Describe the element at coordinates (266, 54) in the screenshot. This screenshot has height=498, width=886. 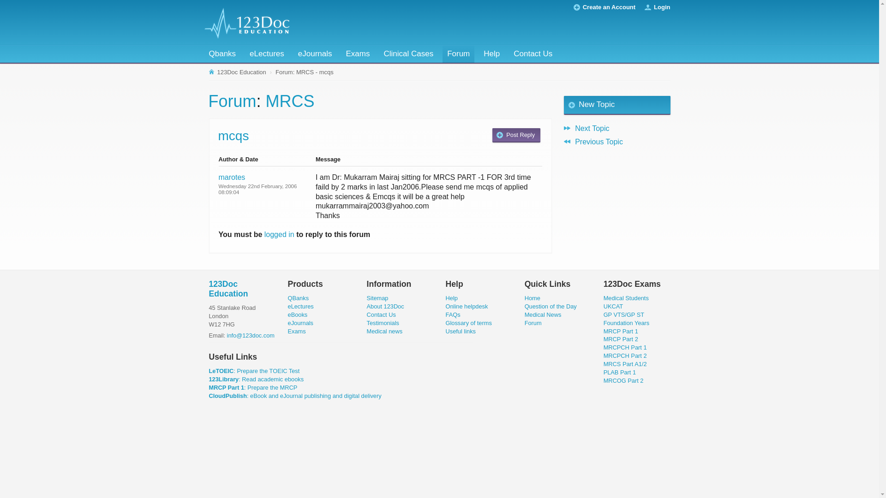
I see `'eLectures'` at that location.